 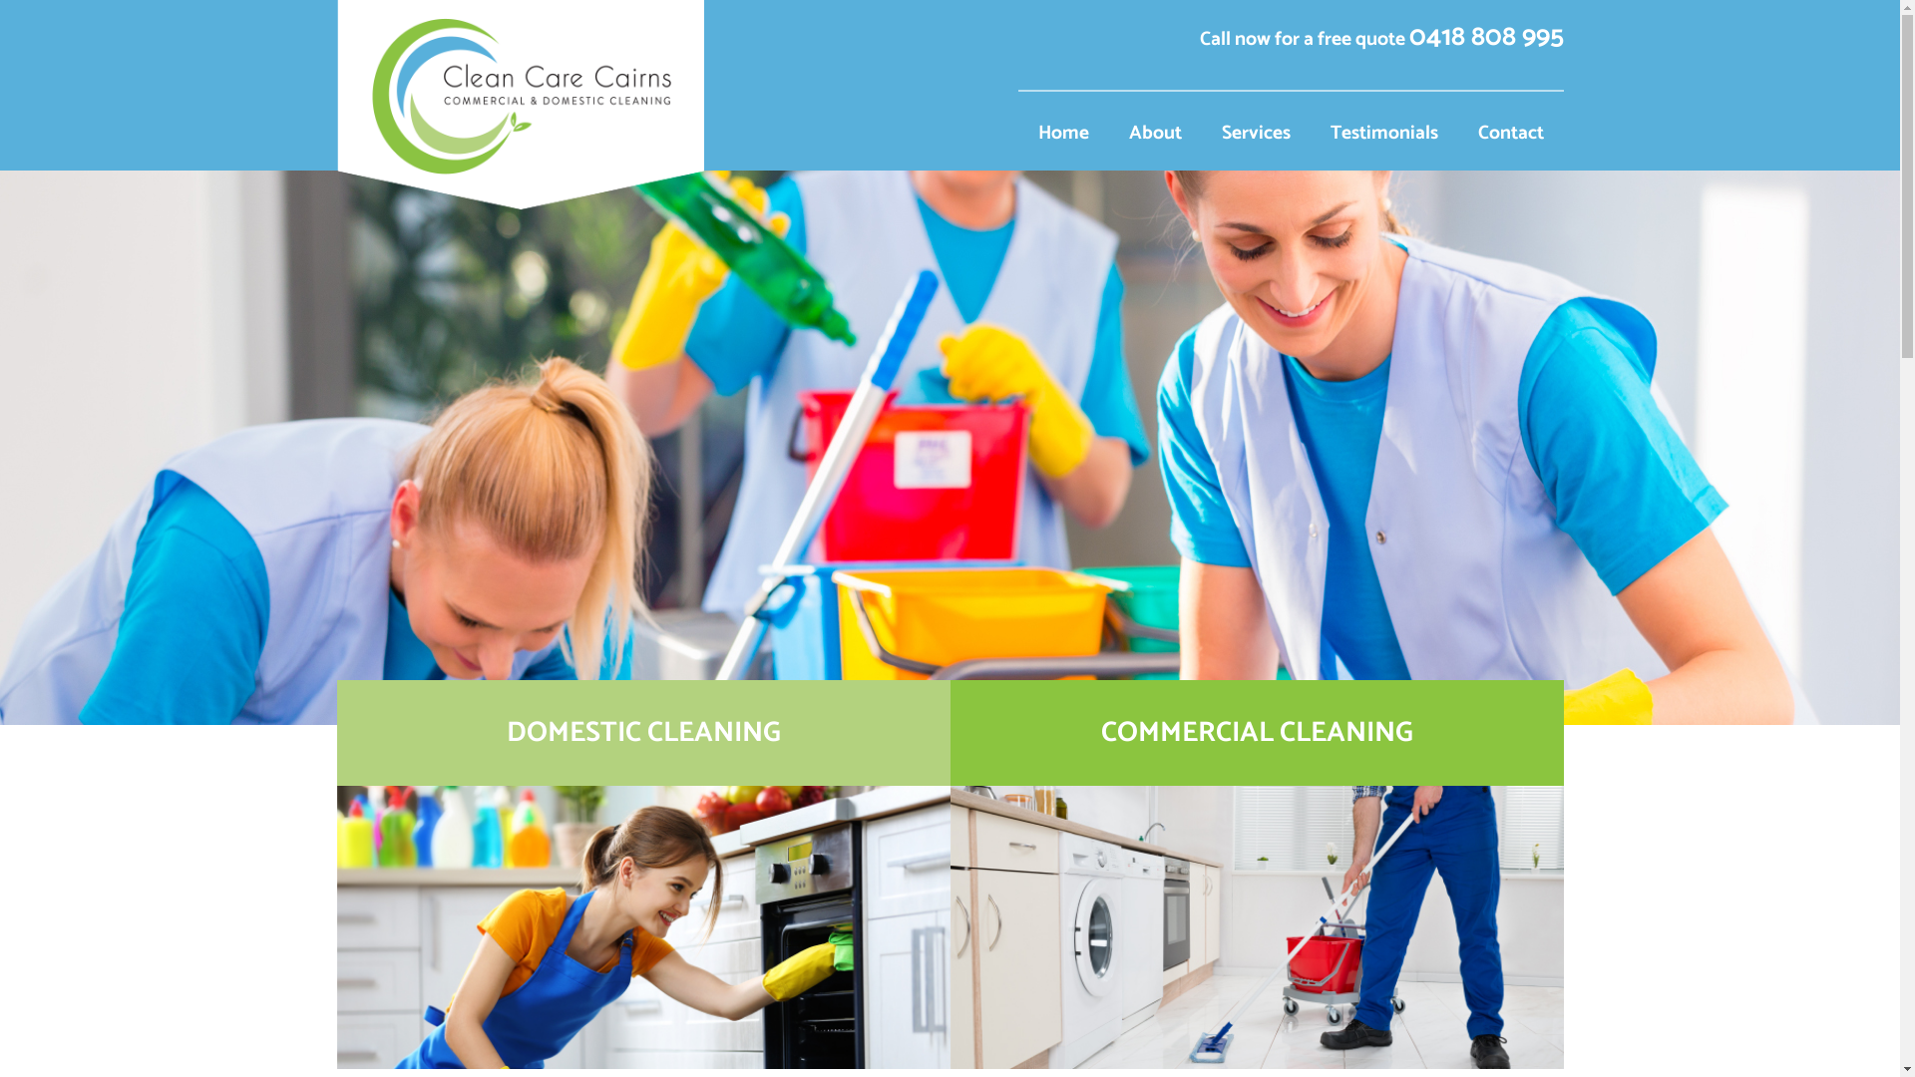 What do you see at coordinates (1511, 126) in the screenshot?
I see `'Contact'` at bounding box center [1511, 126].